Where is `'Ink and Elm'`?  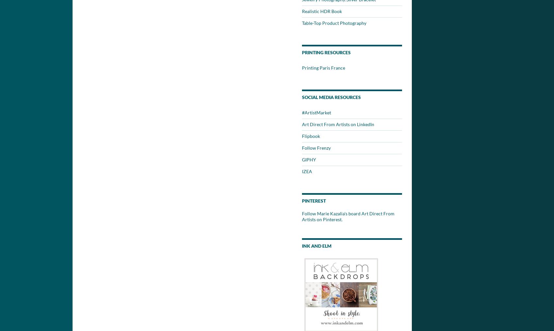
'Ink and Elm' is located at coordinates (317, 246).